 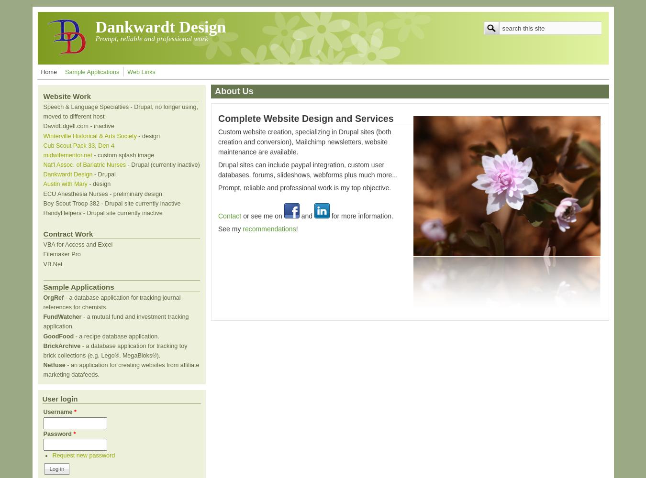 What do you see at coordinates (308, 169) in the screenshot?
I see `'Drupal sites can include paypal integration, custom user databases, forums, slideshows, webforms plus much more...'` at bounding box center [308, 169].